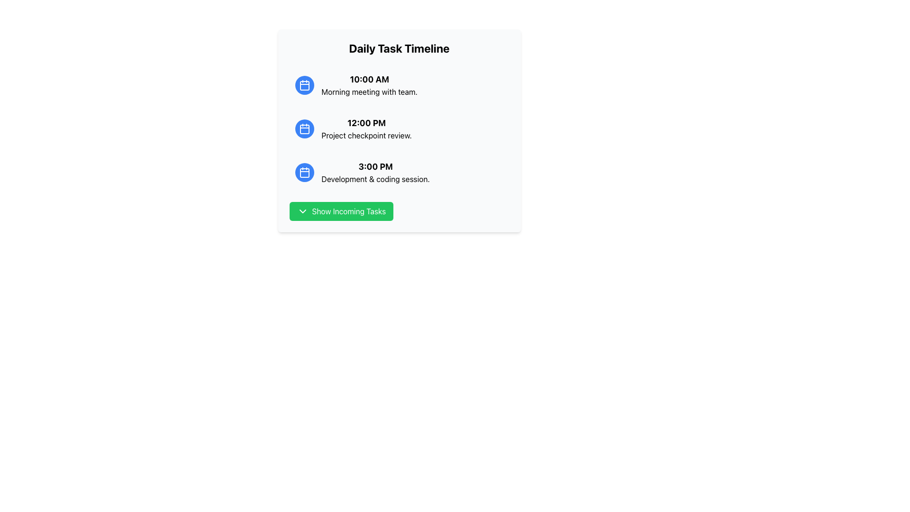 The image size is (910, 512). Describe the element at coordinates (369, 79) in the screenshot. I see `the time label displaying '10:00 AM', which is located at the top of the schedule card titled 'Daily Task Timeline', above the text 'Morning meeting with team'` at that location.